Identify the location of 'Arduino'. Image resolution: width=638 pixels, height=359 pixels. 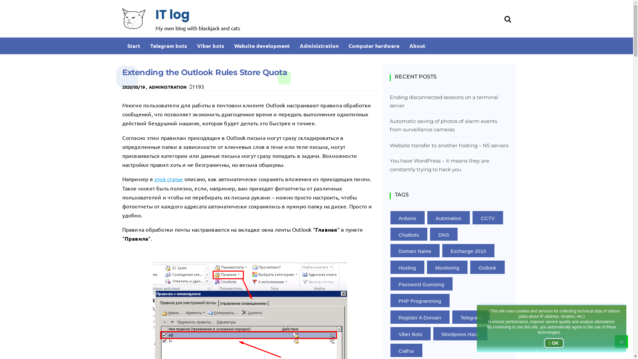
(407, 218).